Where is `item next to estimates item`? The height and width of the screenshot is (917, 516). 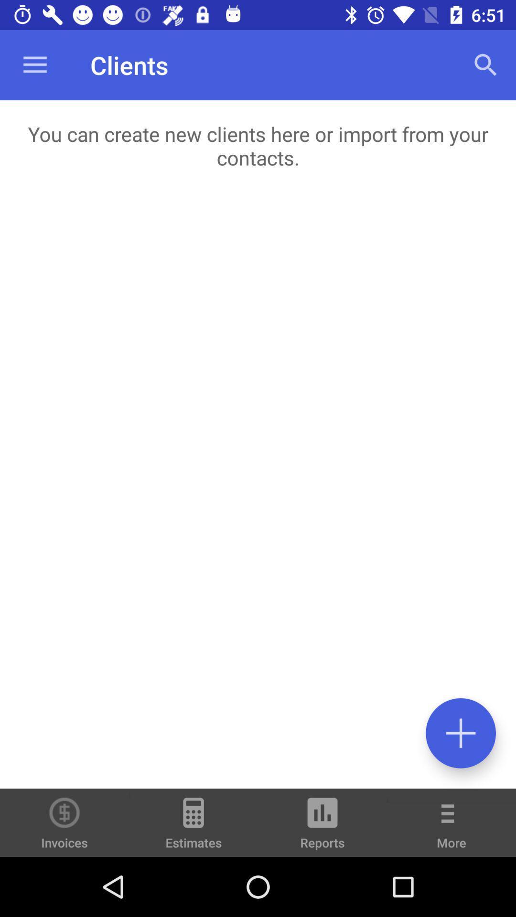 item next to estimates item is located at coordinates (322, 827).